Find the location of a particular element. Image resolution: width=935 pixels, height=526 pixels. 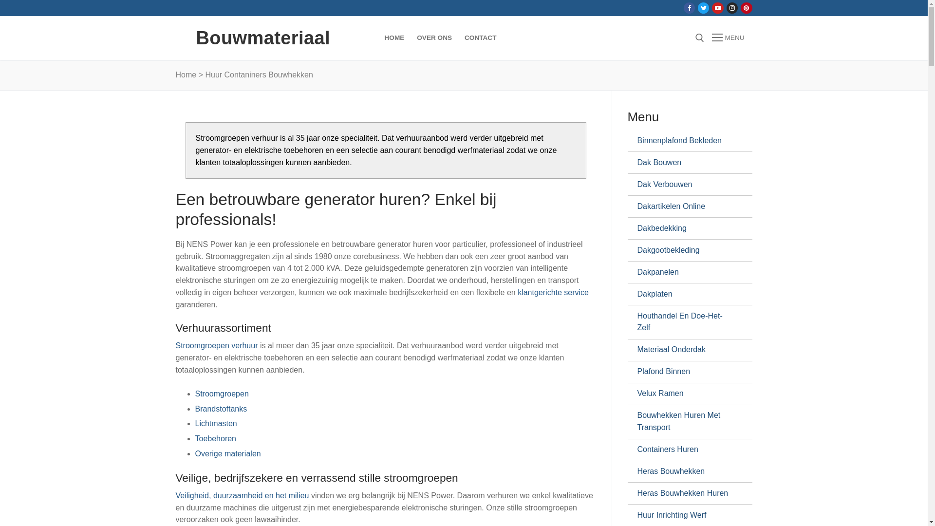

'Plafond Binnen' is located at coordinates (685, 372).